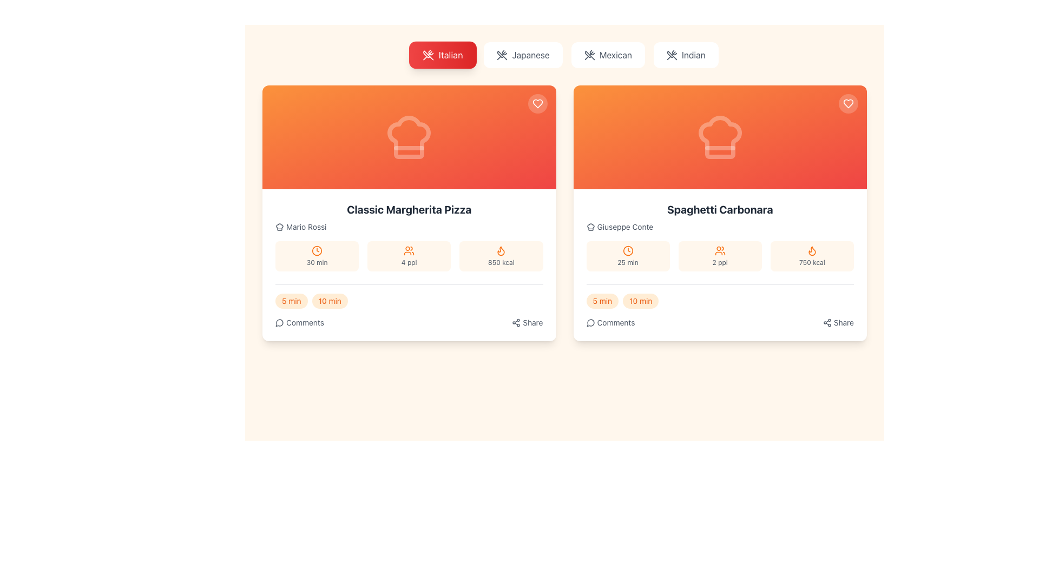 The height and width of the screenshot is (584, 1039). Describe the element at coordinates (317, 250) in the screenshot. I see `the decorative SVG component that represents the preparation time for the recipe, located in the left card below 'Mario Rossi' and above the '30 min' text` at that location.